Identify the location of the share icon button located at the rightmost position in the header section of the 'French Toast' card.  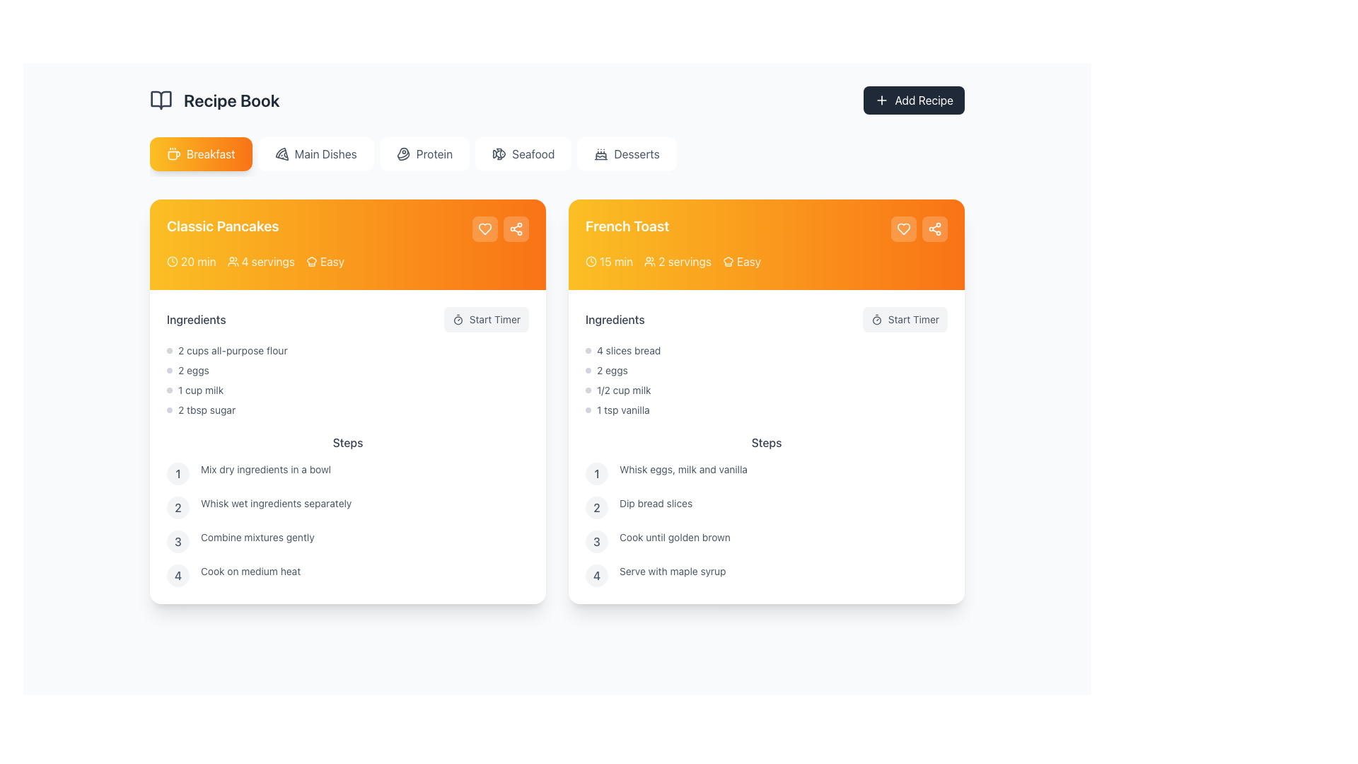
(515, 228).